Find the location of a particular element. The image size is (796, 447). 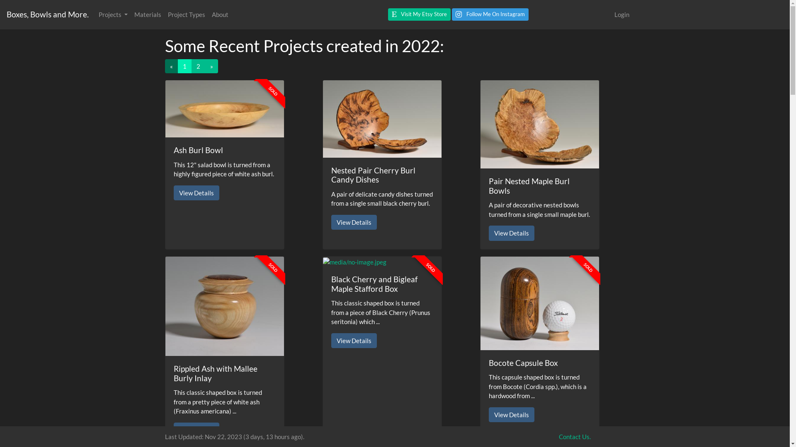

'Contact Us.' is located at coordinates (574, 436).